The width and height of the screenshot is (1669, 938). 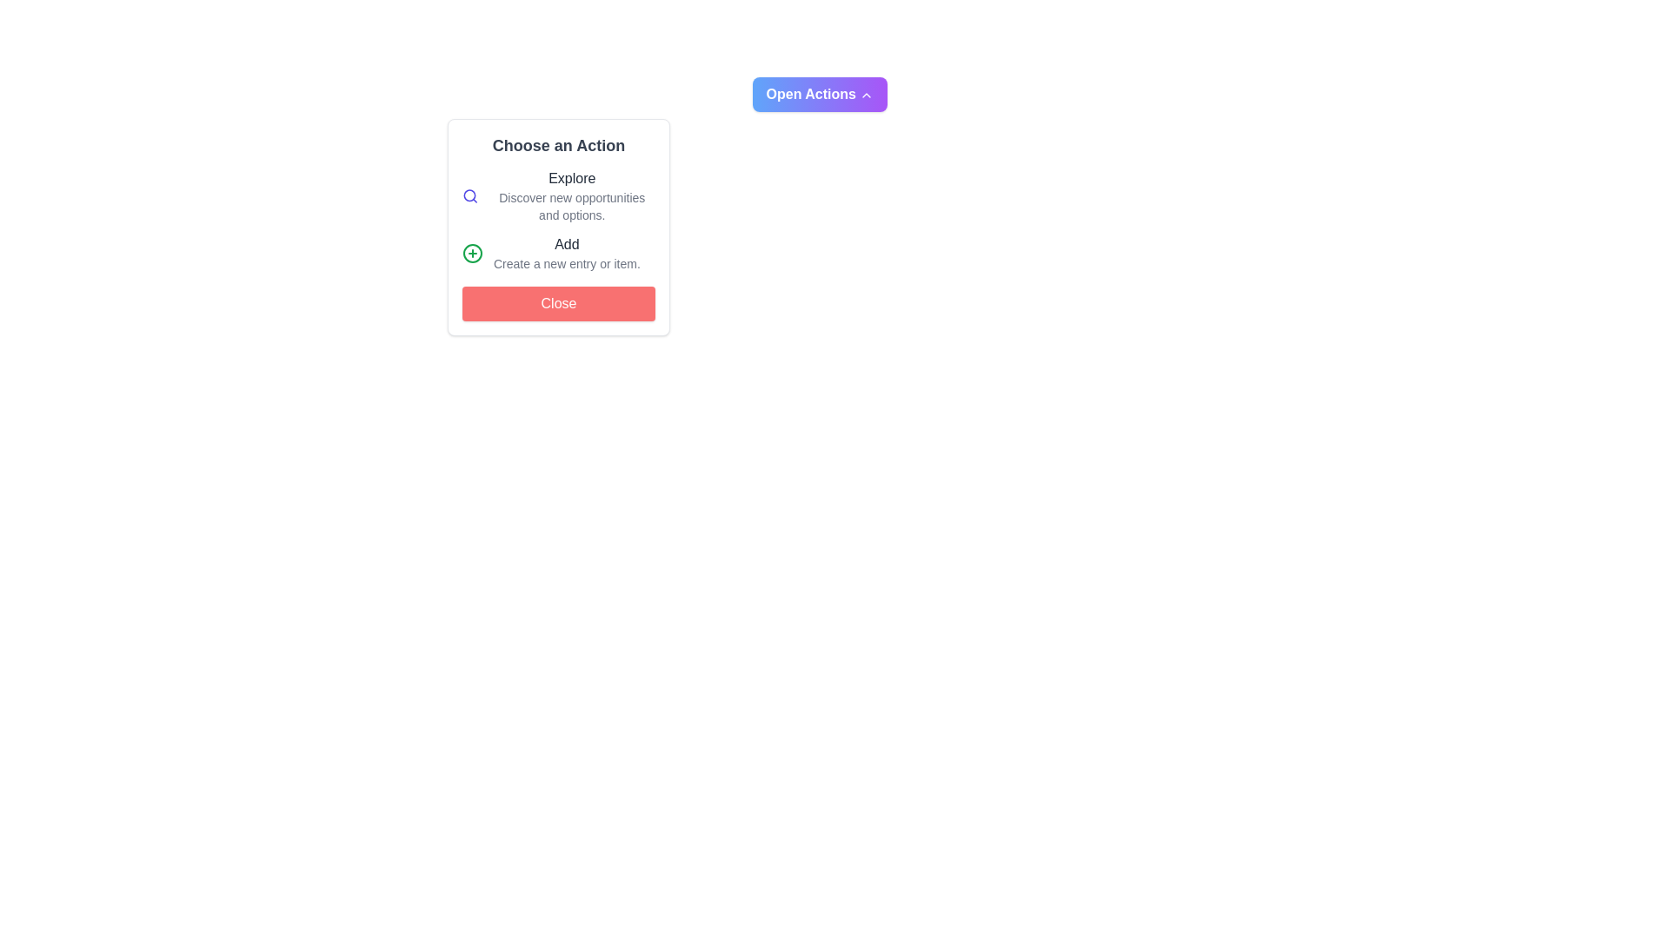 What do you see at coordinates (571, 195) in the screenshot?
I see `the informational text block in the 'Choose an Action' dialog box, which is the first item in the list of actions above the 'Add' option` at bounding box center [571, 195].